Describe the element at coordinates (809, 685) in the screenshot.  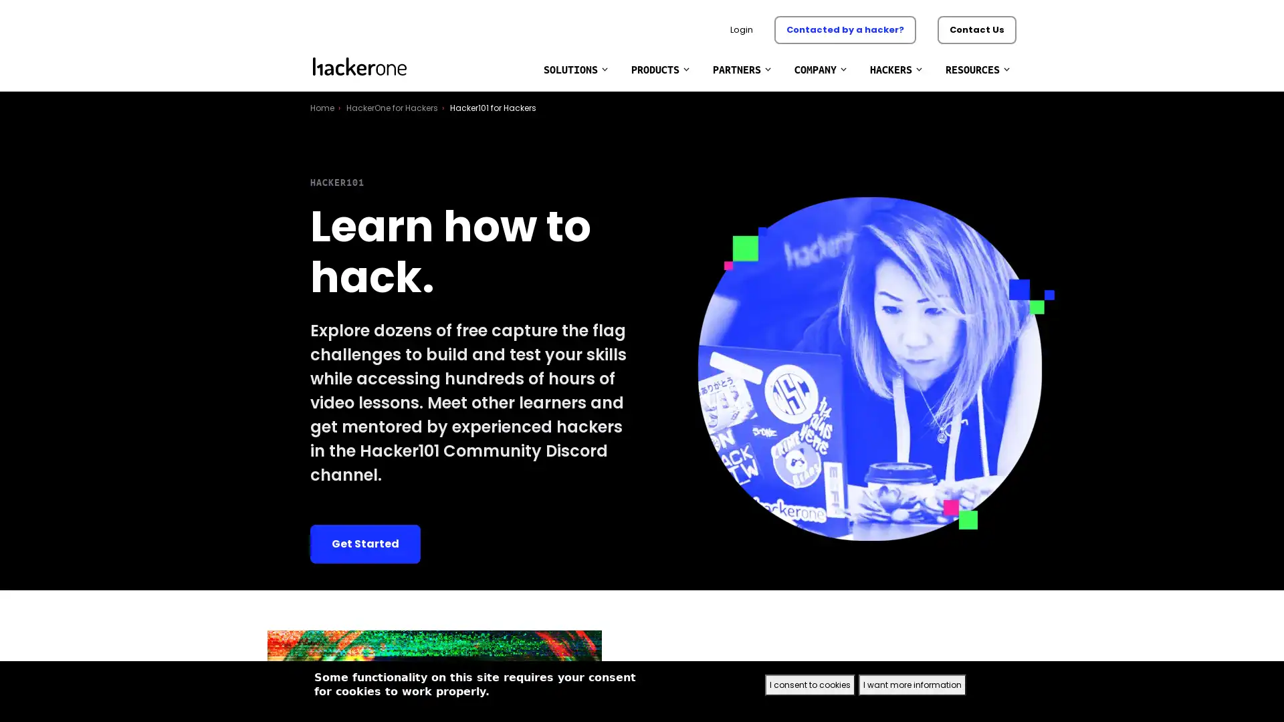
I see `I consent to cookies` at that location.